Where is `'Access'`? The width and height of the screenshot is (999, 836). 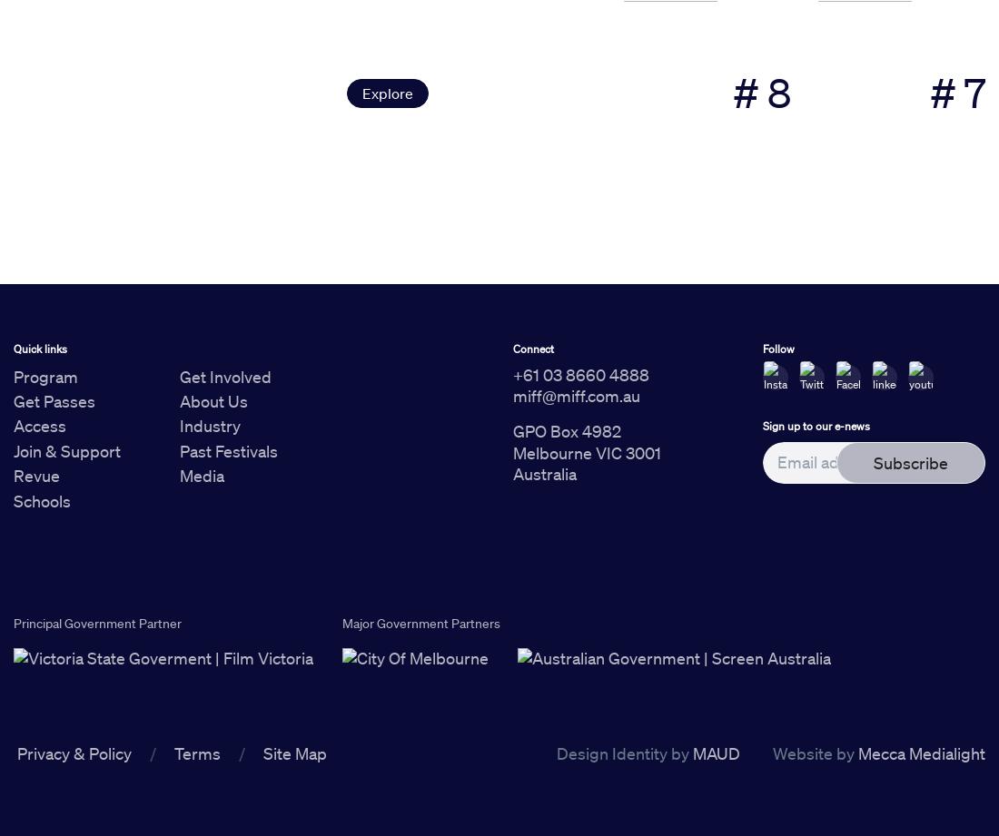 'Access' is located at coordinates (39, 424).